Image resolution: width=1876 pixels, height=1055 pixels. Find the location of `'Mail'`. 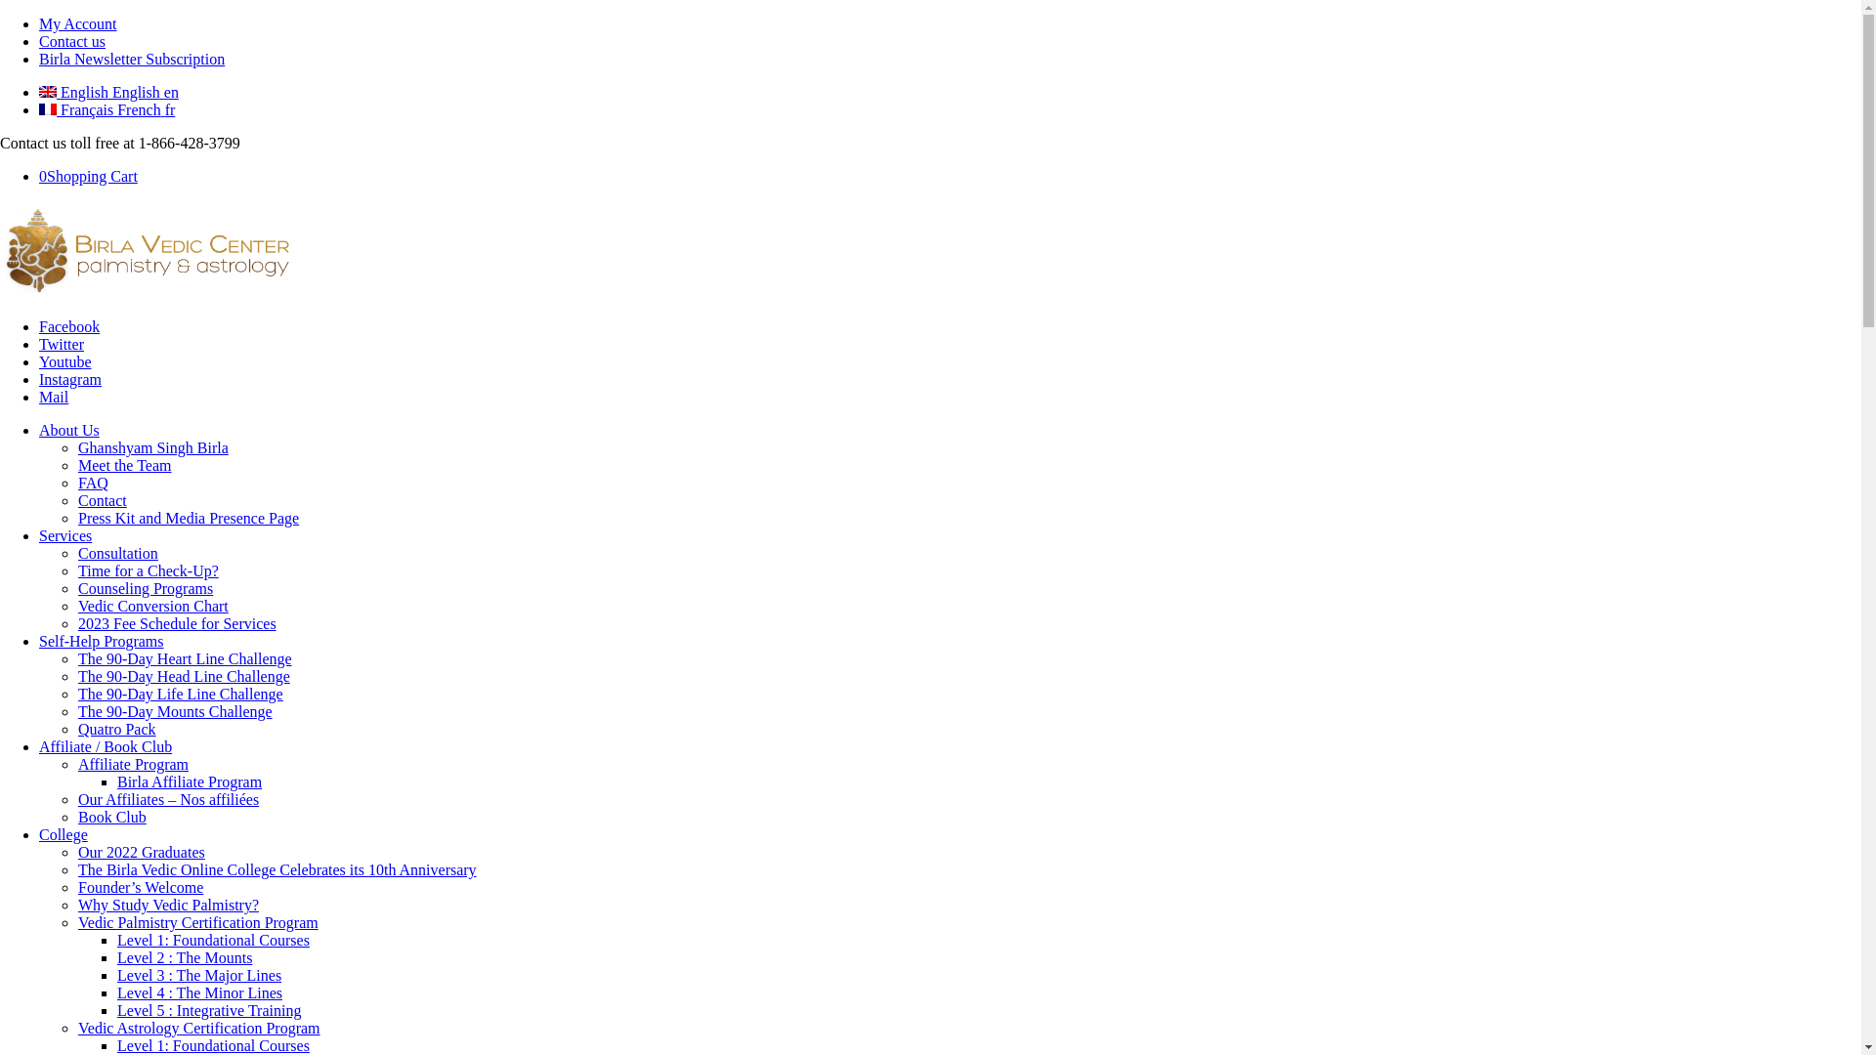

'Mail' is located at coordinates (53, 396).